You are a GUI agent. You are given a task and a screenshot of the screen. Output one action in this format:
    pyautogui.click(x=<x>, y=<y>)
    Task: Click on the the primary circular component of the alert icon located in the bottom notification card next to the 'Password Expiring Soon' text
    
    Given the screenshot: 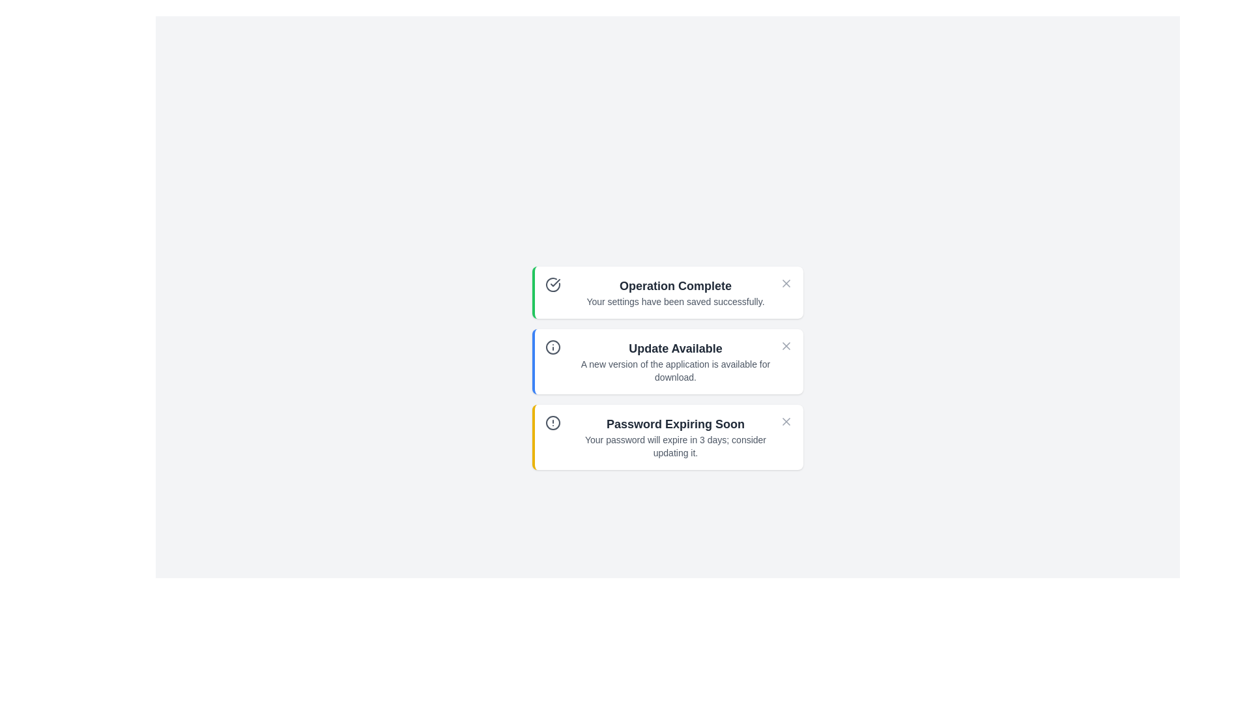 What is the action you would take?
    pyautogui.click(x=553, y=422)
    